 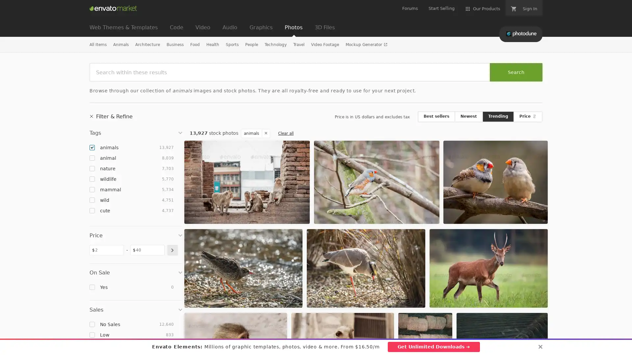 I want to click on Add to Favorites, so click(x=430, y=149).